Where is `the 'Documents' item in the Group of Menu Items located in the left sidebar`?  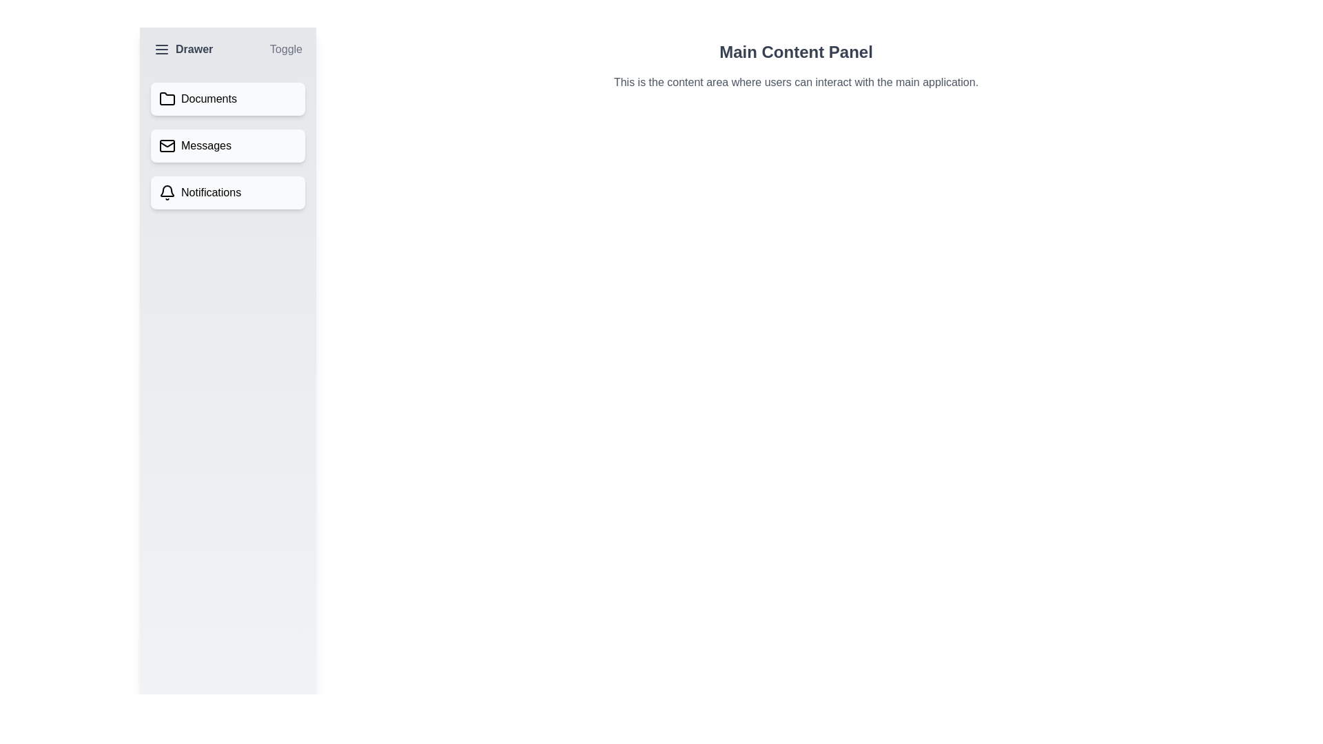 the 'Documents' item in the Group of Menu Items located in the left sidebar is located at coordinates (228, 146).